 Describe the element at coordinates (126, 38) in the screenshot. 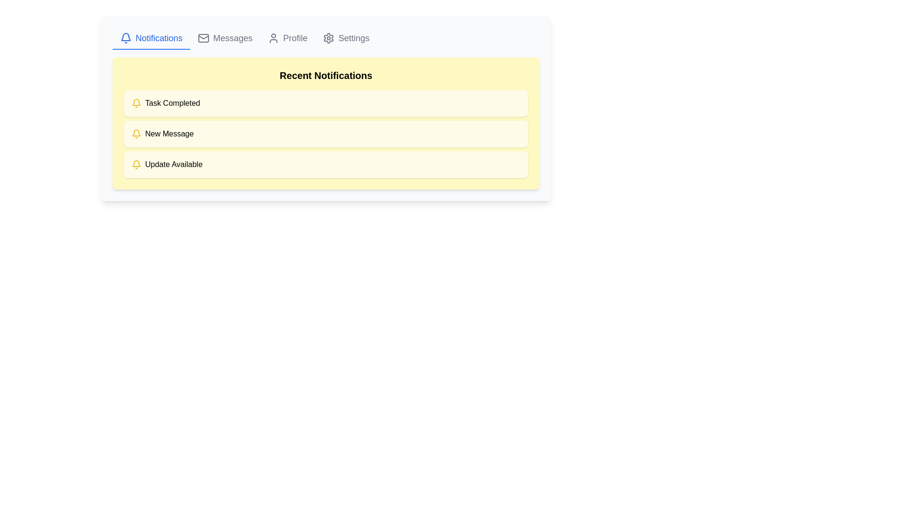

I see `the blue bell icon in the navigation bar next to the 'Notifications' text` at that location.